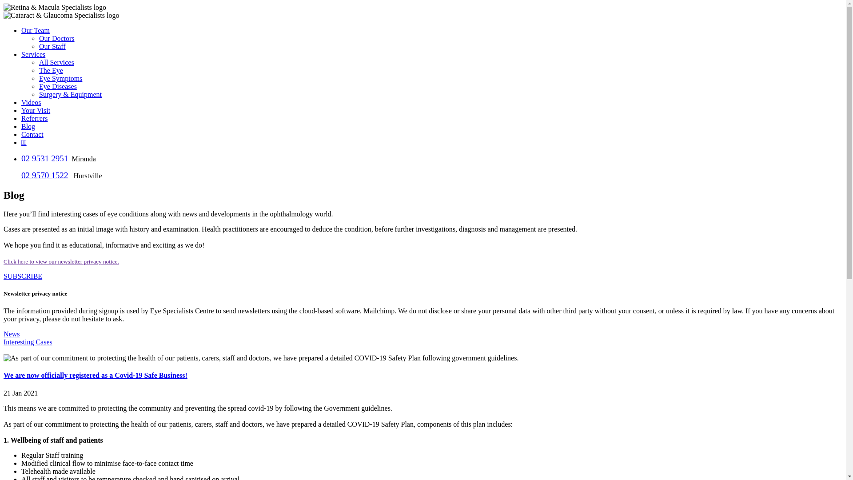  What do you see at coordinates (57, 86) in the screenshot?
I see `'Eye Diseases'` at bounding box center [57, 86].